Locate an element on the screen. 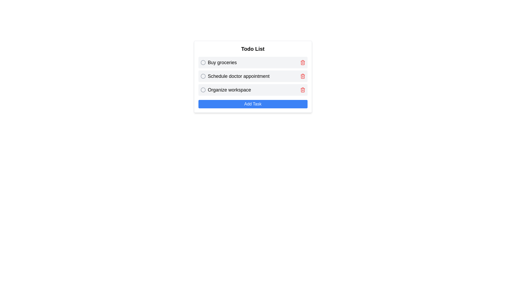 The image size is (506, 284). the checkbox located to the left of the task text 'Organize workspace' is located at coordinates (203, 90).